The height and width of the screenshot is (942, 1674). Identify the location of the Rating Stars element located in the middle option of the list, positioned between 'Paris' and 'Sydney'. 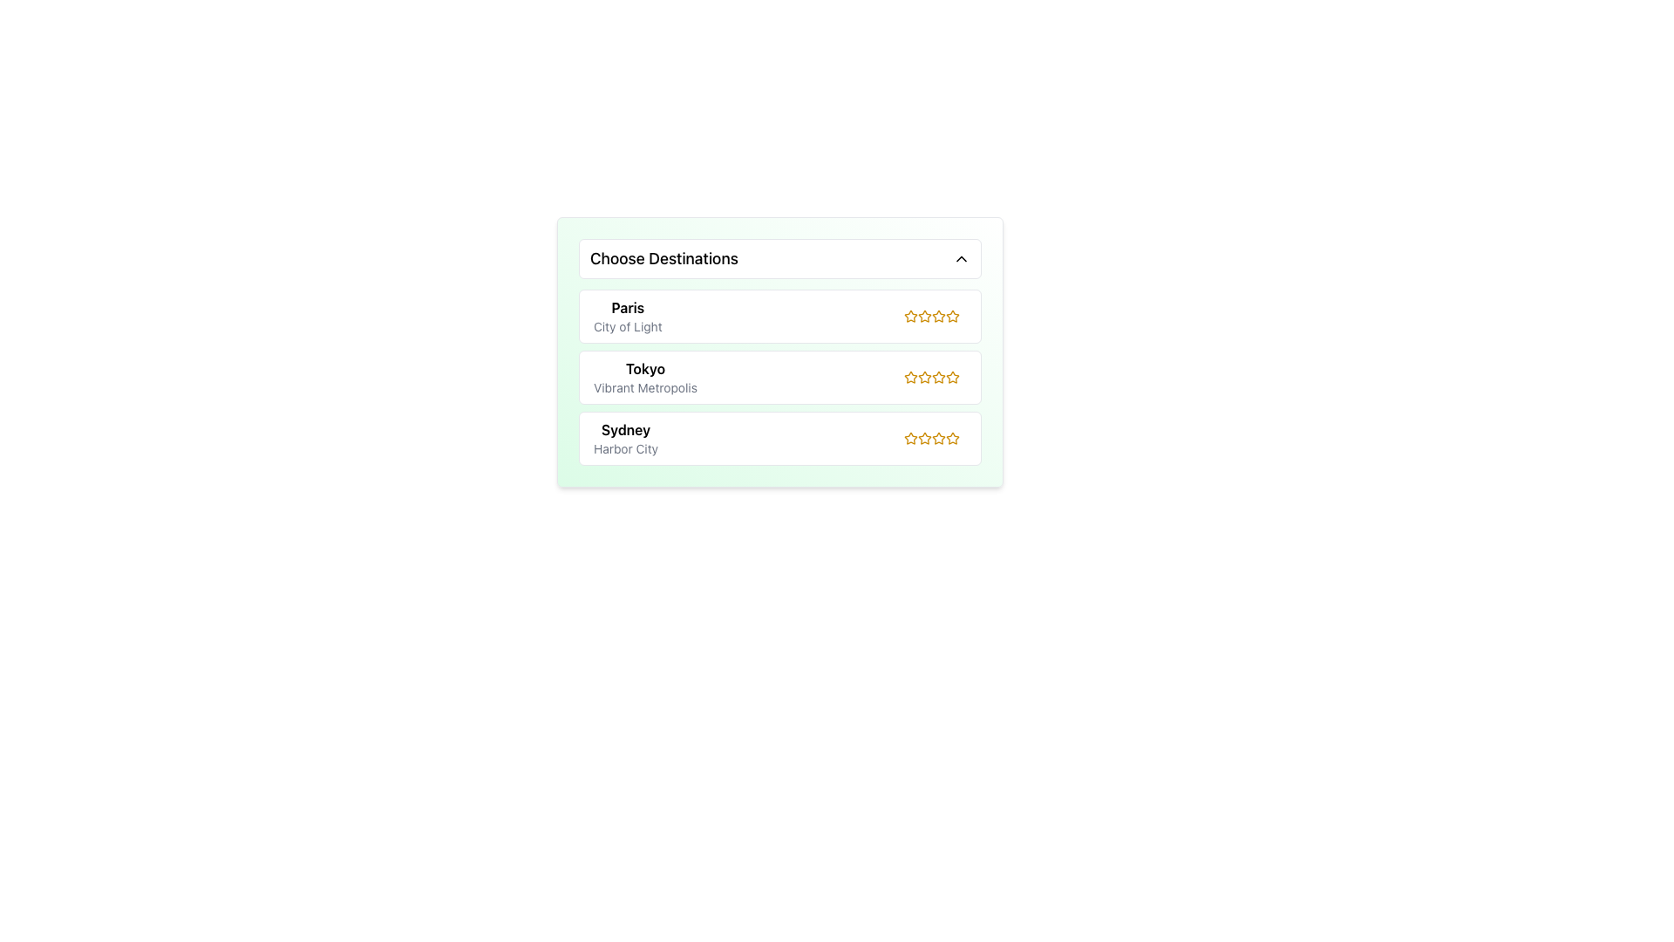
(931, 376).